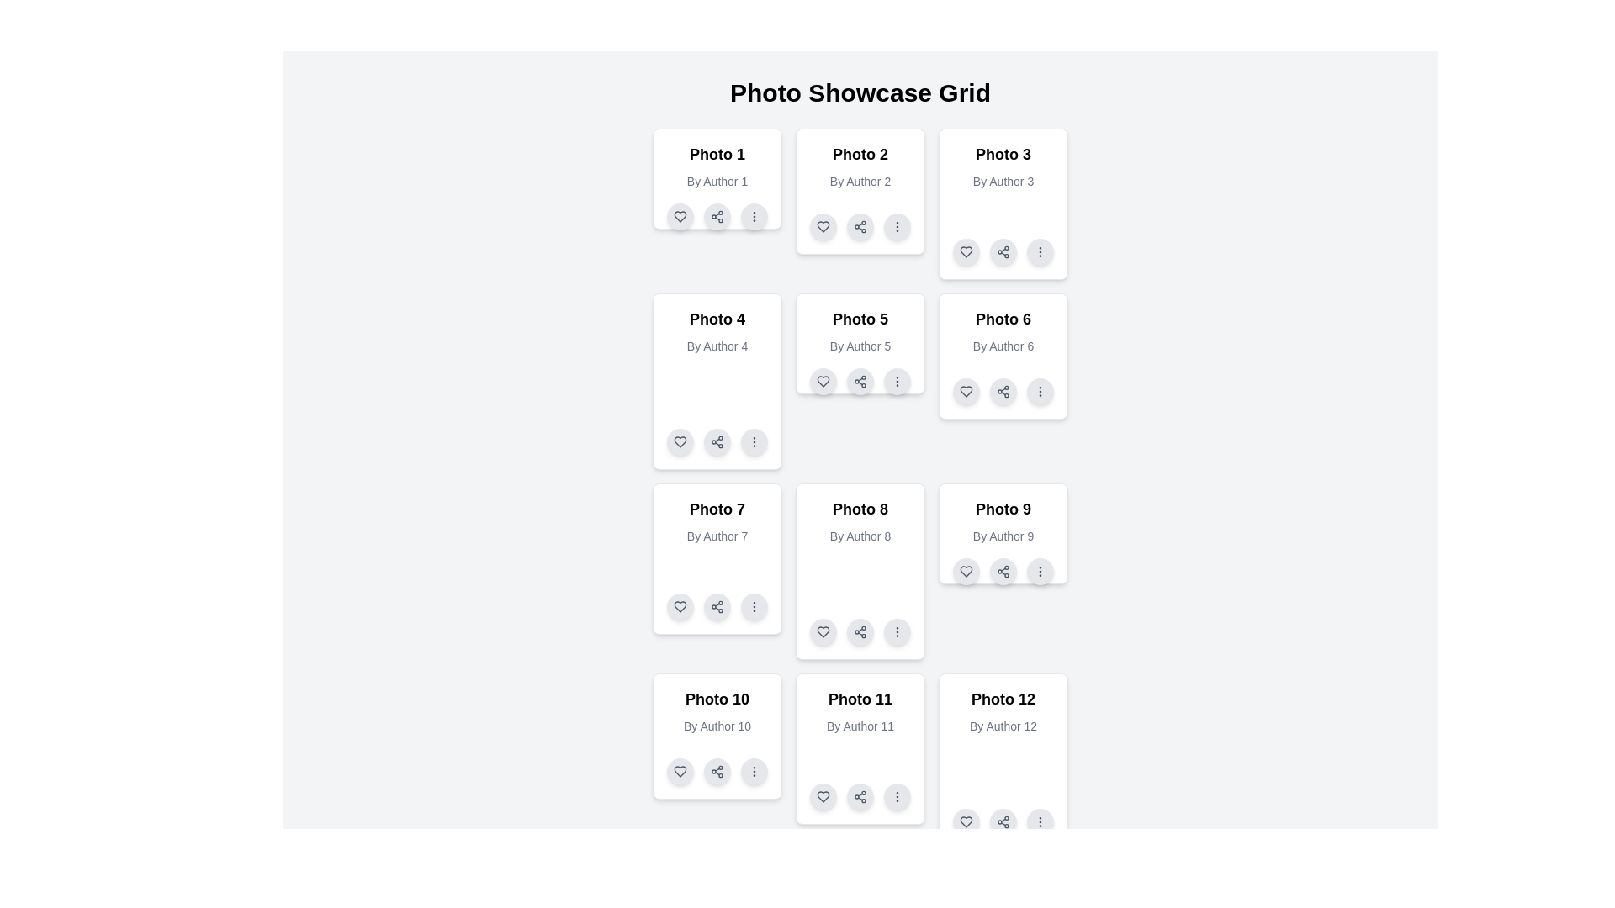 This screenshot has width=1615, height=908. I want to click on the Text label that provides attribution information for the displayed photo, located below the title 'Photo 4' and above the control icons in the card layout, so click(717, 346).